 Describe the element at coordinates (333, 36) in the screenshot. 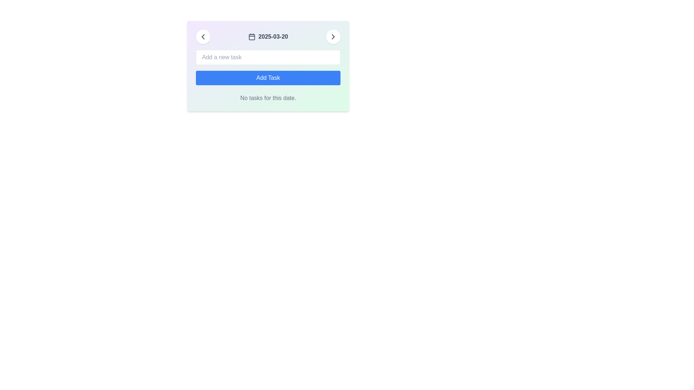

I see `the right navigation chevron icon located at the top-right corner of the interface` at that location.